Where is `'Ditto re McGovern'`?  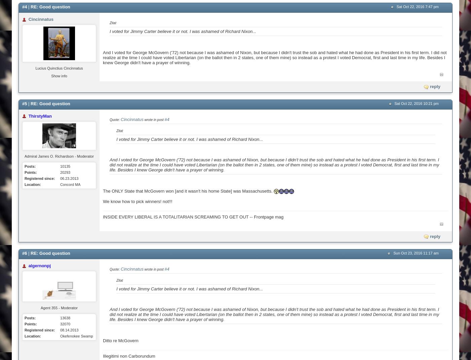
'Ditto re McGovern' is located at coordinates (120, 341).